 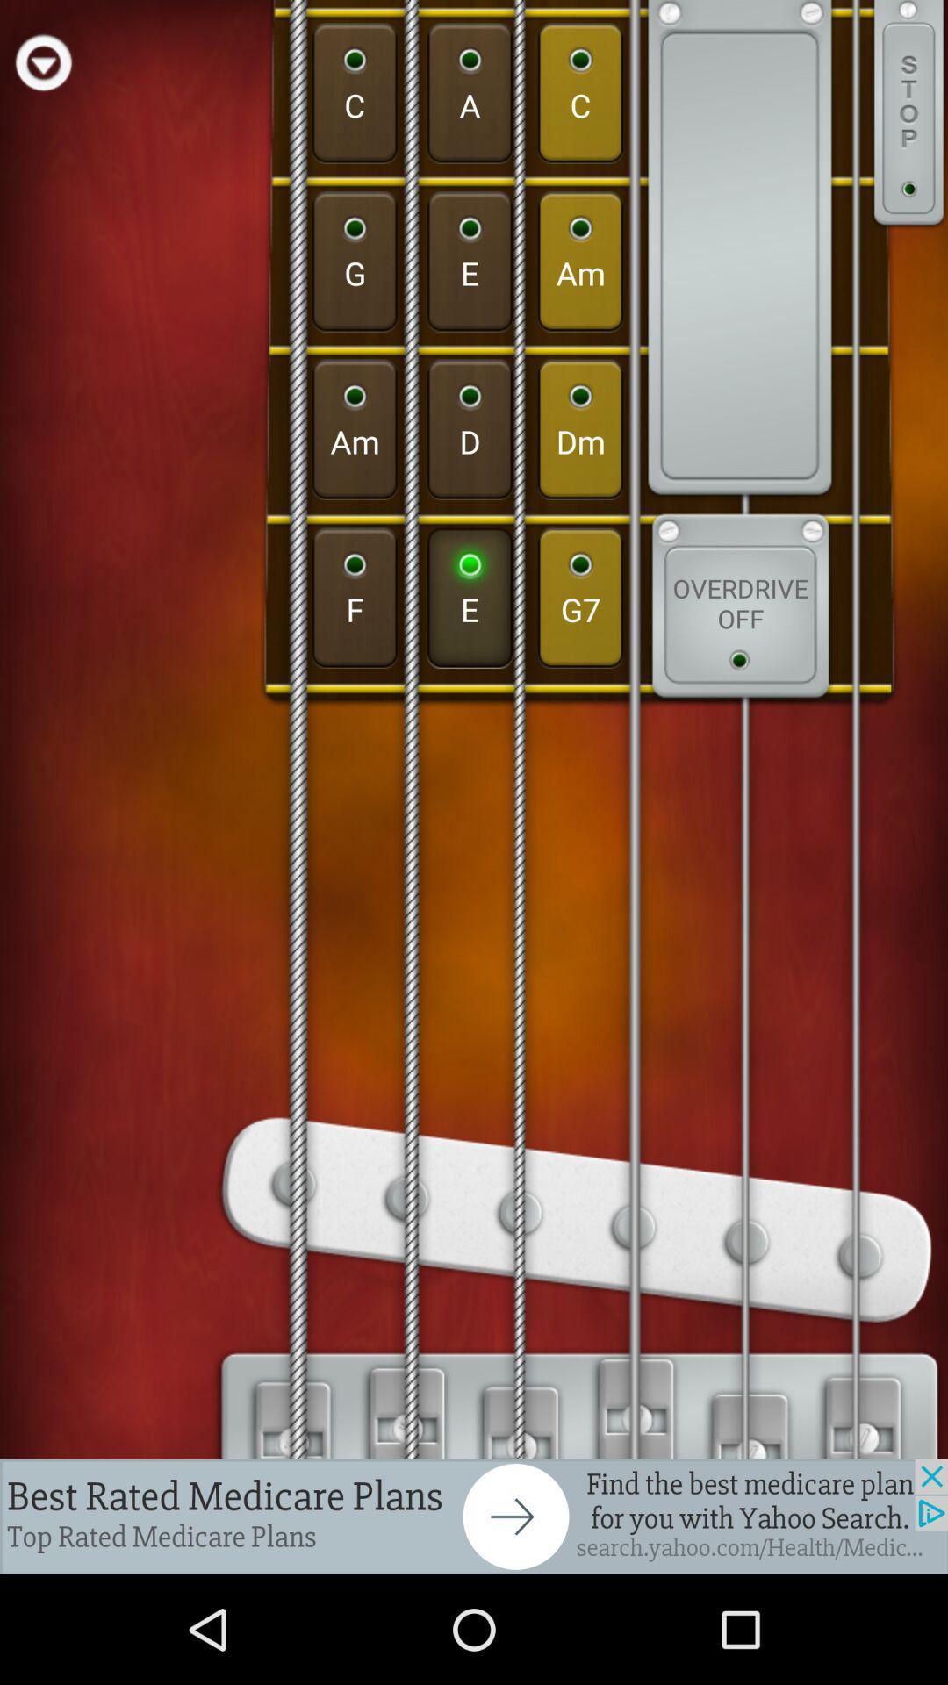 I want to click on stop playing, so click(x=908, y=114).